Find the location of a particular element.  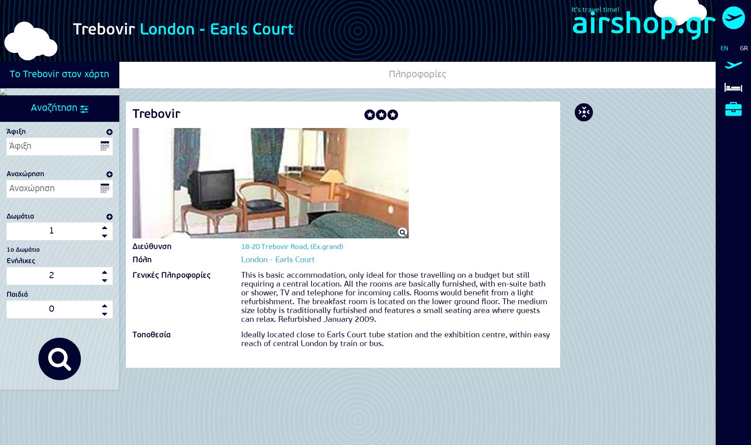

'Ideally located close to Earls Court tube station and the exhibition centre, within easy reach of central London by train or bus.' is located at coordinates (395, 339).